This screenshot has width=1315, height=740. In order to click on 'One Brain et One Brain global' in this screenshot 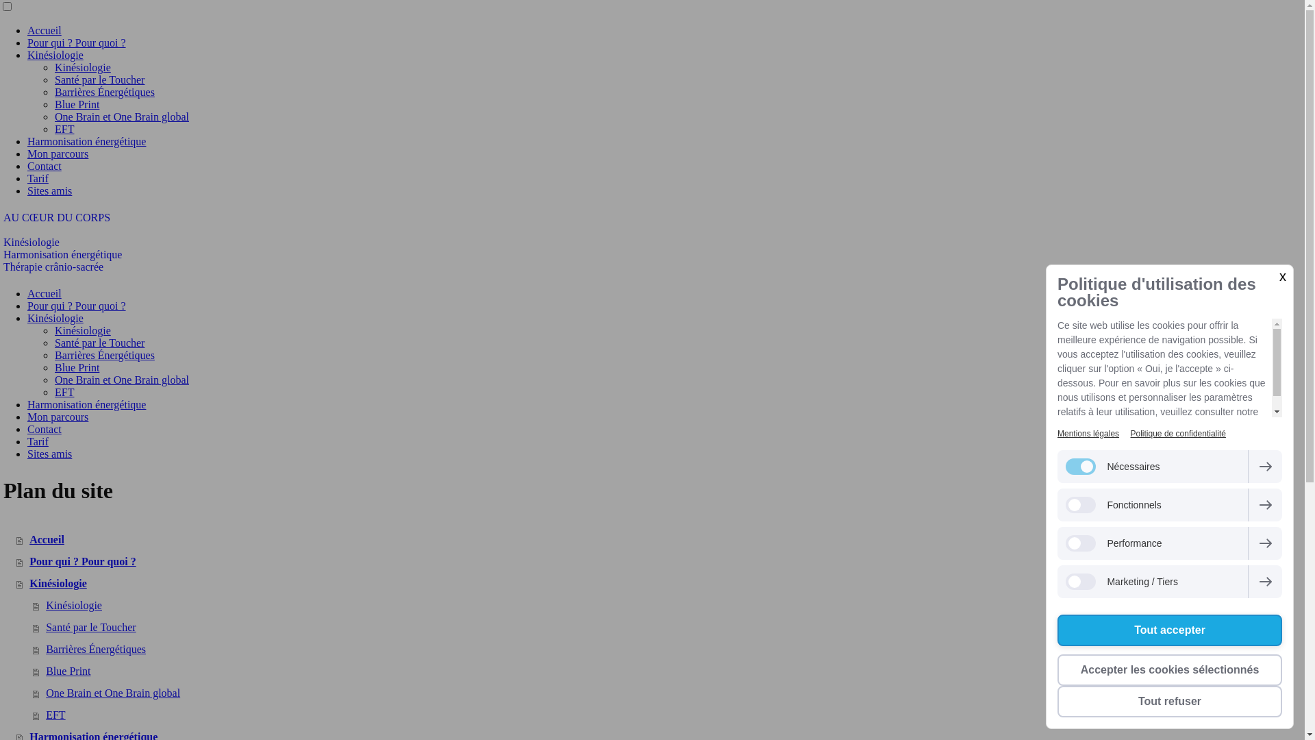, I will do `click(121, 380)`.